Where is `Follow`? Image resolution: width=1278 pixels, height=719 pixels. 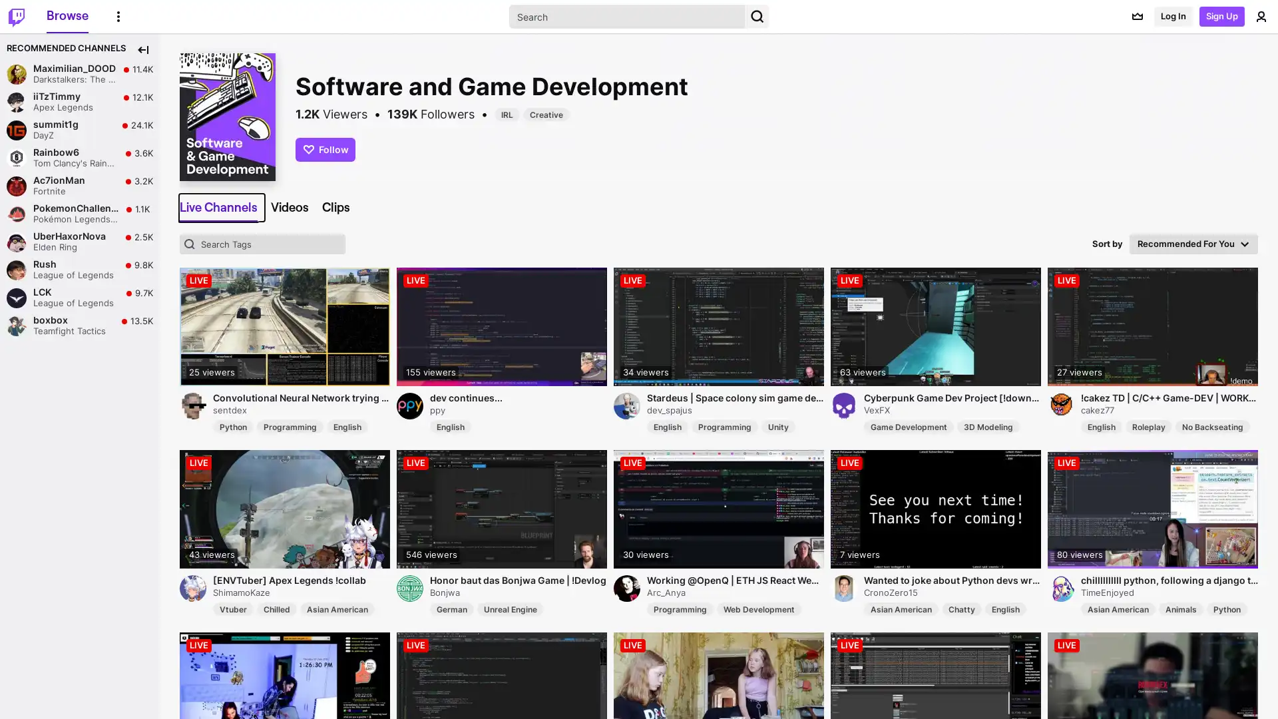
Follow is located at coordinates (325, 148).